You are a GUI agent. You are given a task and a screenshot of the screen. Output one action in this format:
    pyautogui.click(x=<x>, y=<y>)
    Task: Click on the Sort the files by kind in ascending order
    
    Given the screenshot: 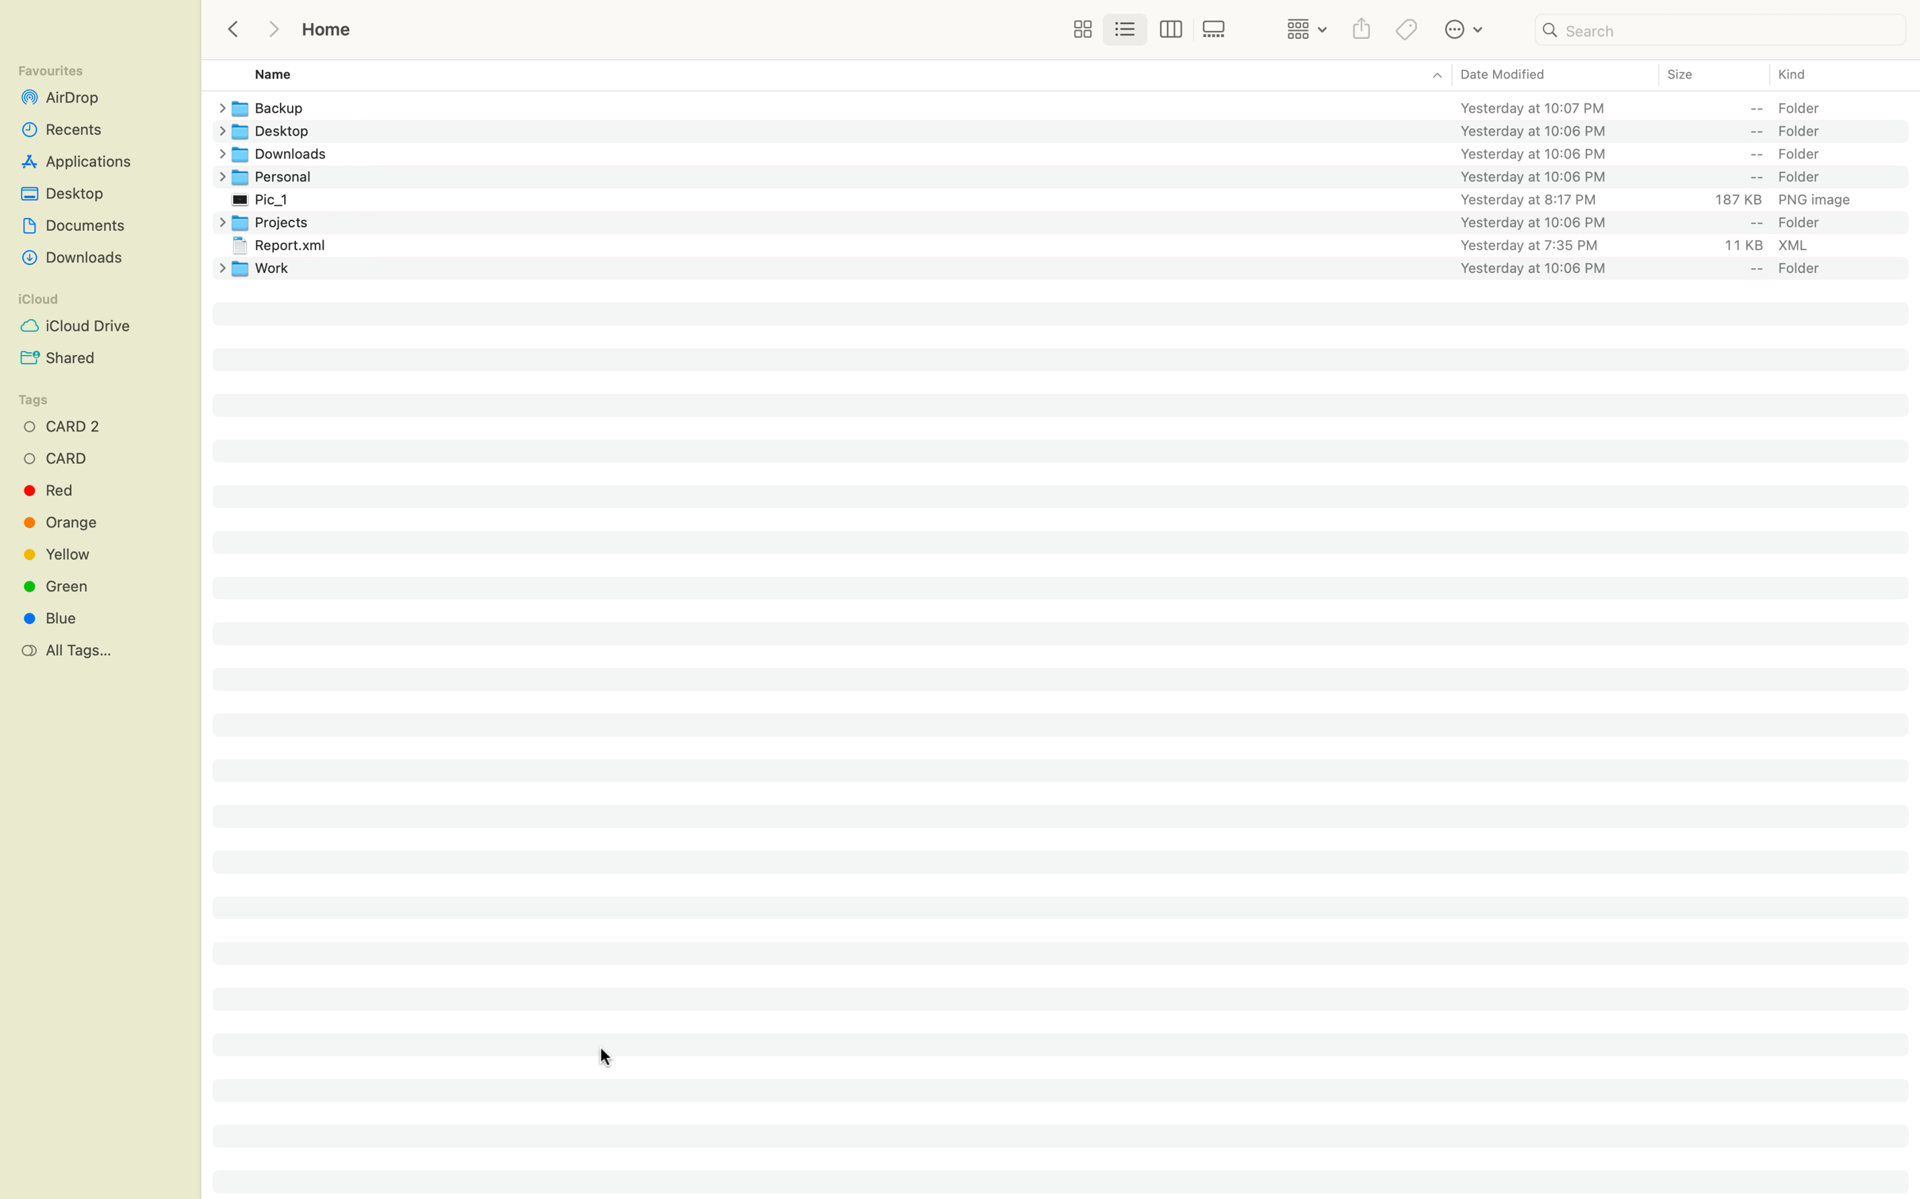 What is the action you would take?
    pyautogui.click(x=1835, y=75)
    